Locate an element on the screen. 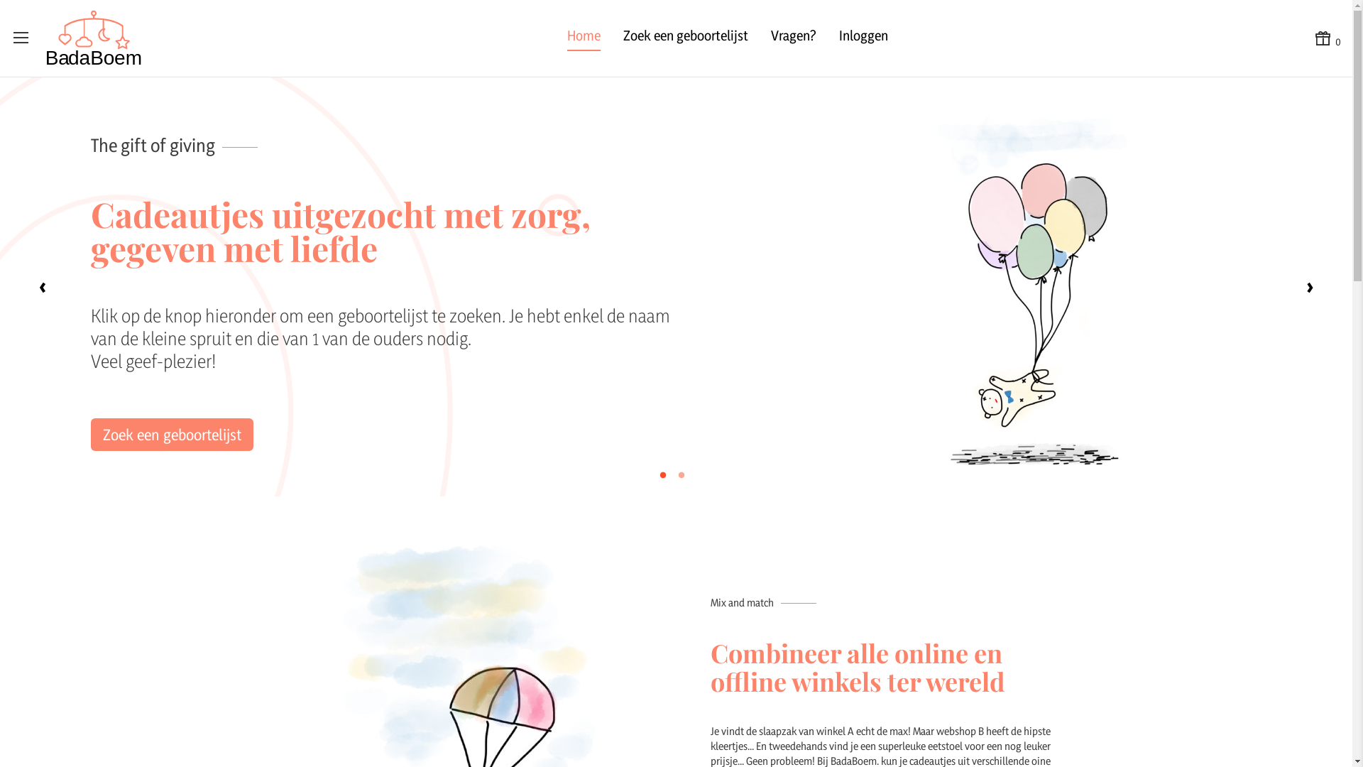  'Vragen?' is located at coordinates (793, 38).